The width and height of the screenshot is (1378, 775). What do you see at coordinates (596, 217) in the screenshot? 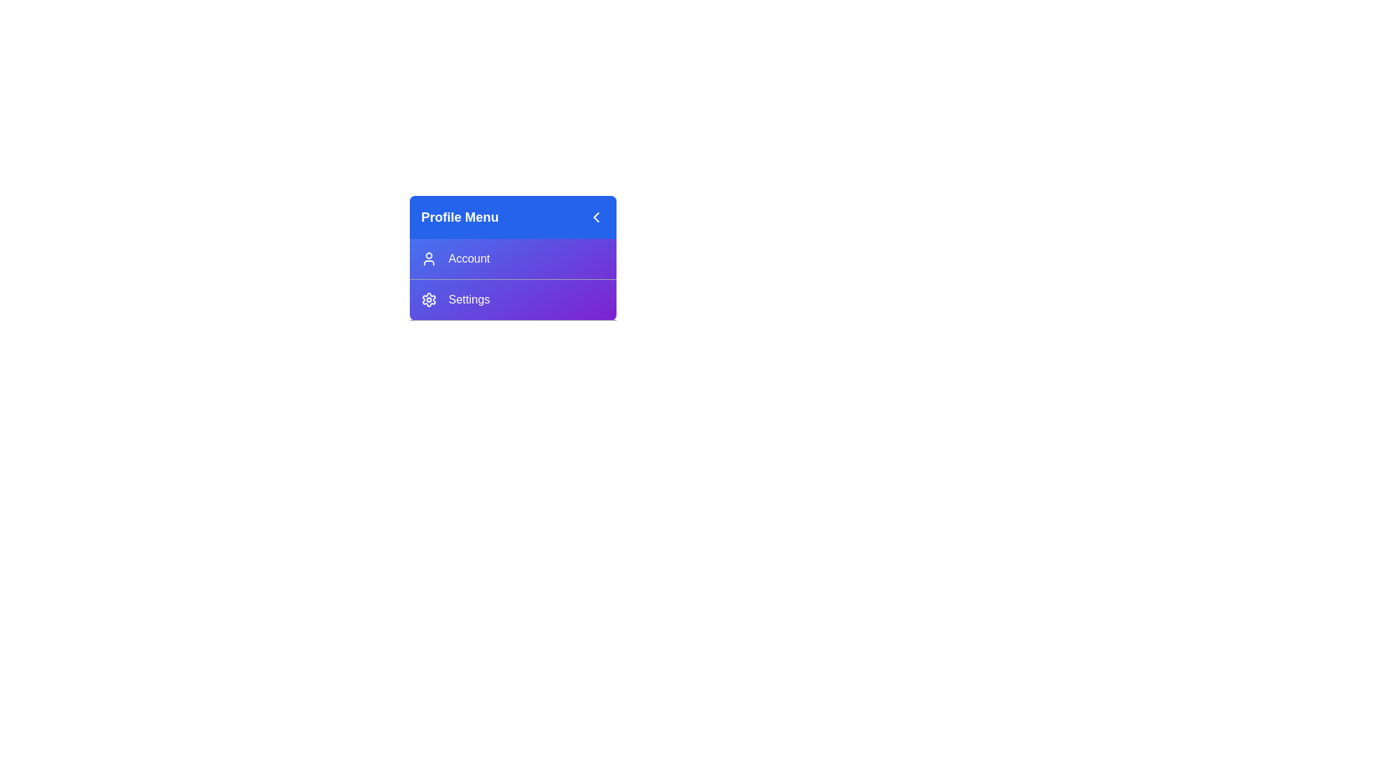
I see `the toggle button located at the top-right corner of the Profile Menu header` at bounding box center [596, 217].